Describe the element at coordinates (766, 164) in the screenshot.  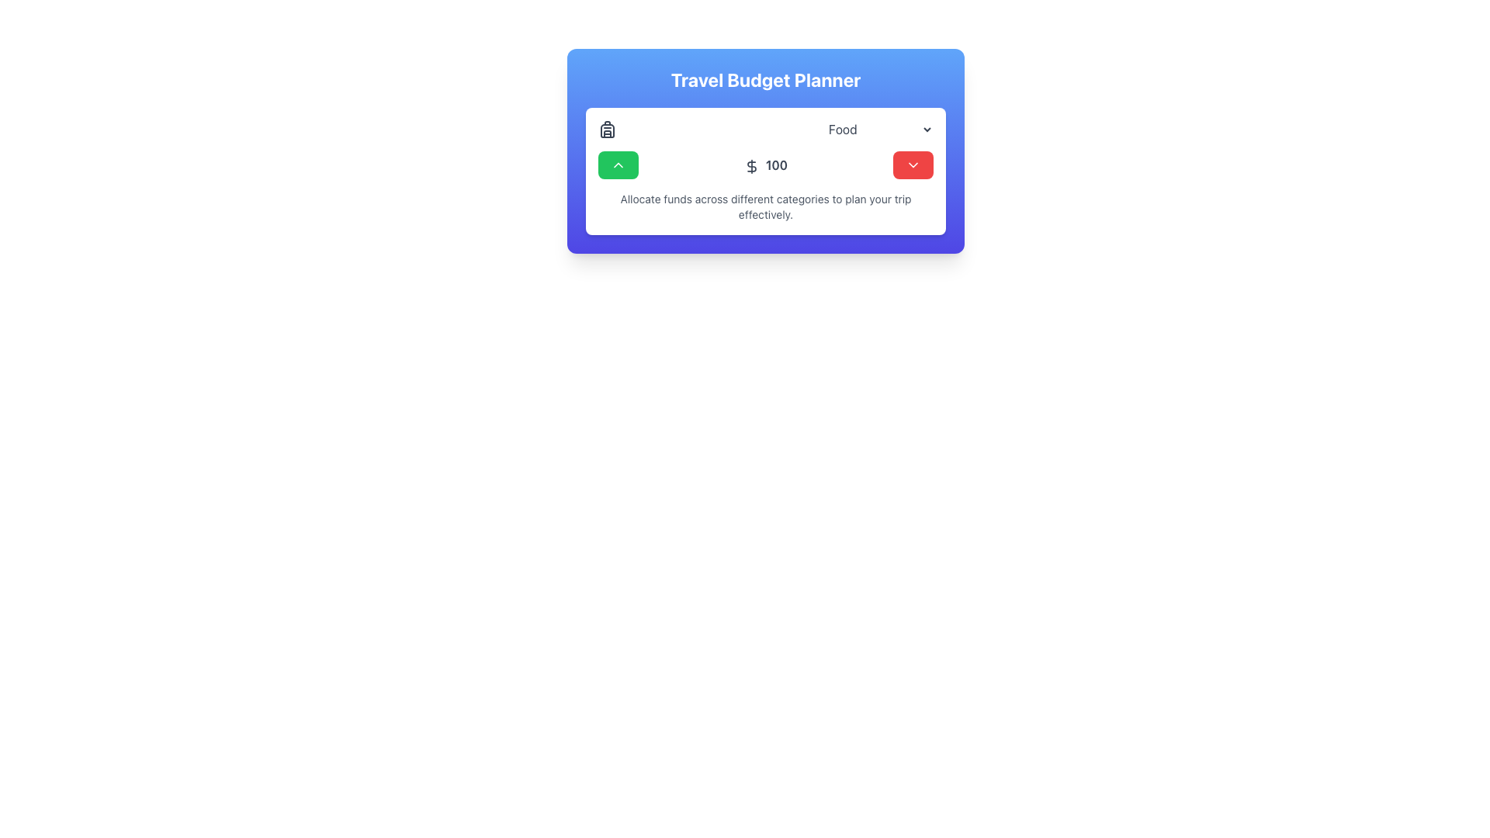
I see `displayed value of the bold text showing the number '100', which is the main numeric display flanked by a green button with an upwards arrow on the left and a red button with a downwards arrow on the right` at that location.